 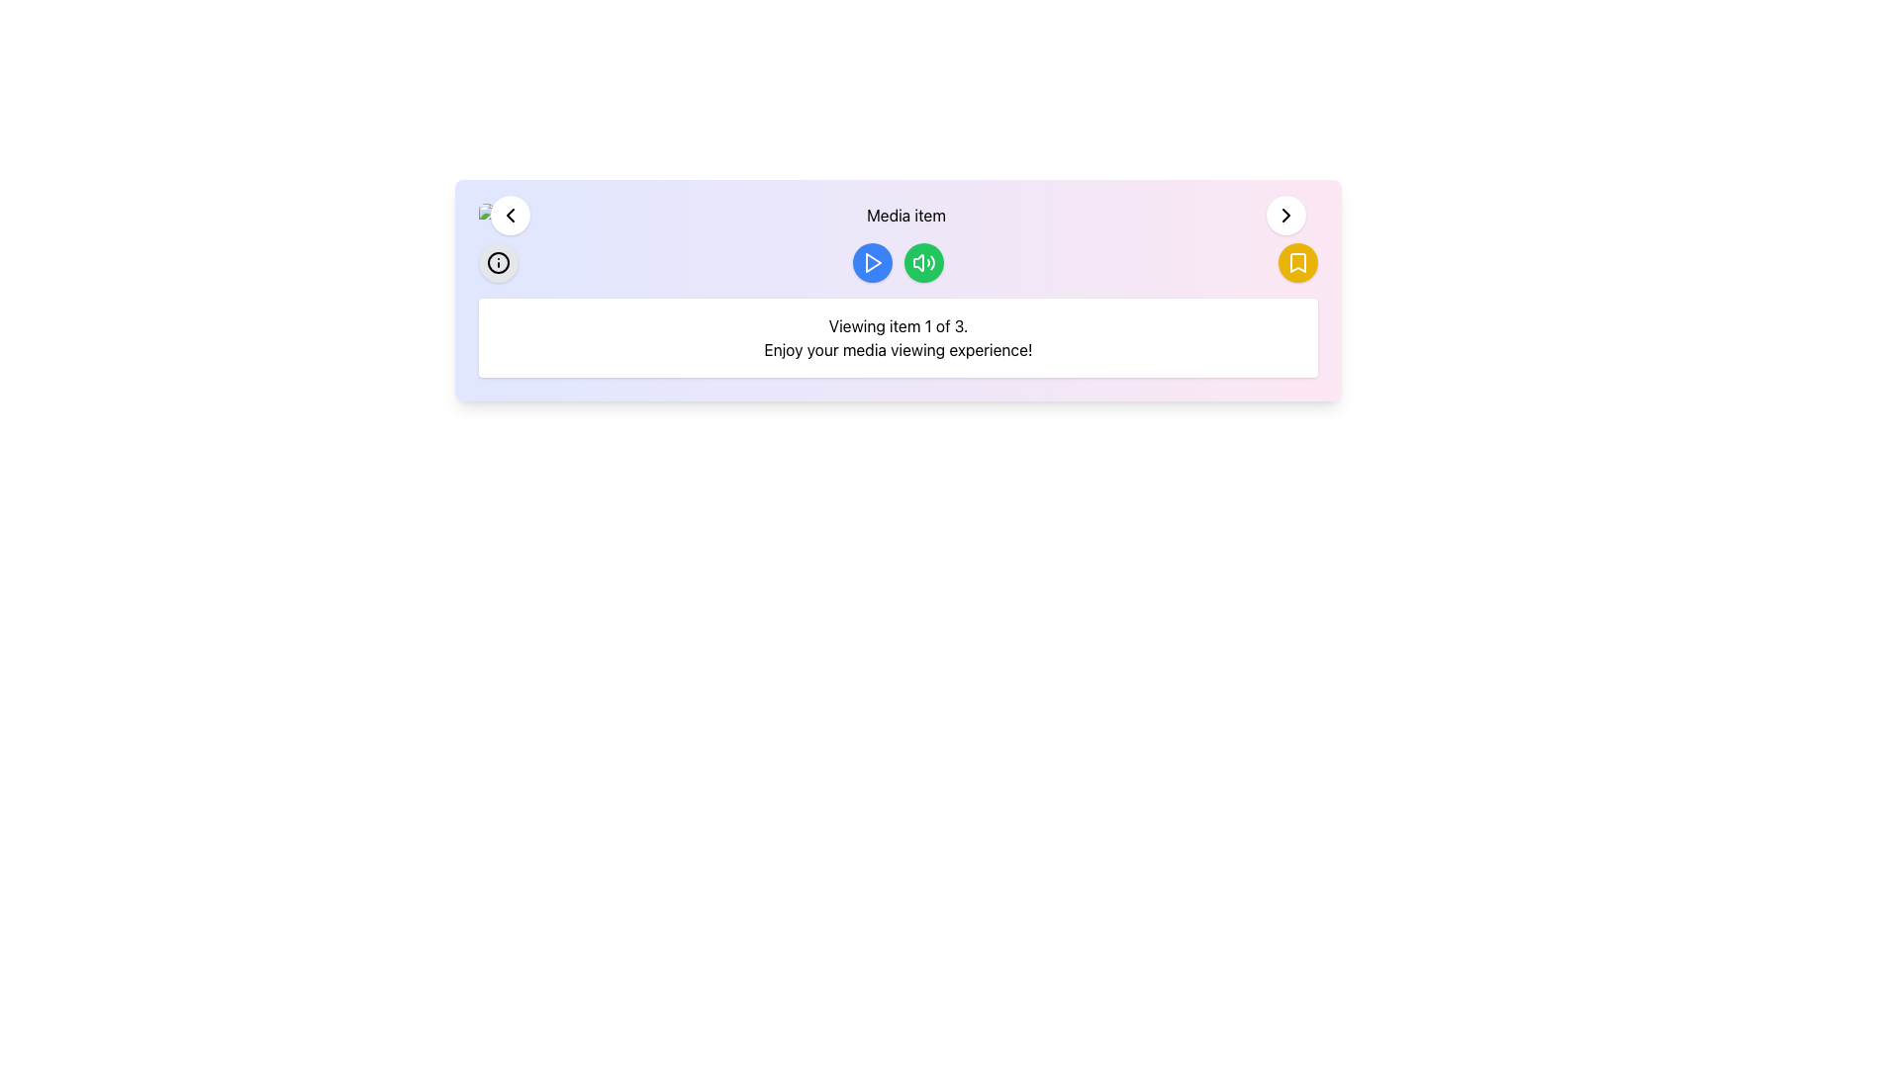 What do you see at coordinates (510, 216) in the screenshot?
I see `the circular button with a white background and a leftward-pointing chevron icon` at bounding box center [510, 216].